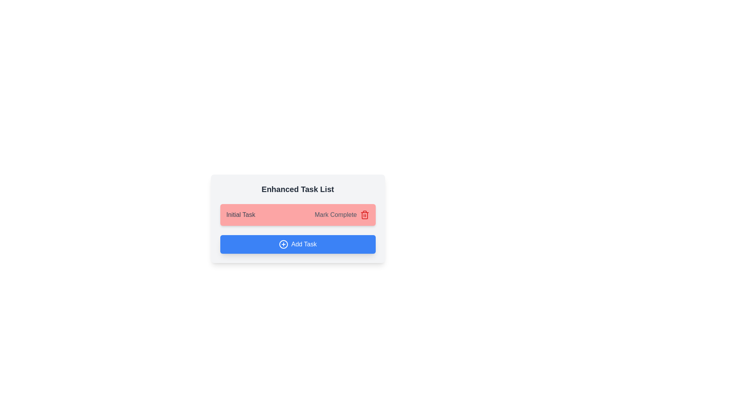 The image size is (746, 419). Describe the element at coordinates (336, 215) in the screenshot. I see `the 'Mark Complete' button to toggle the task's completion status` at that location.